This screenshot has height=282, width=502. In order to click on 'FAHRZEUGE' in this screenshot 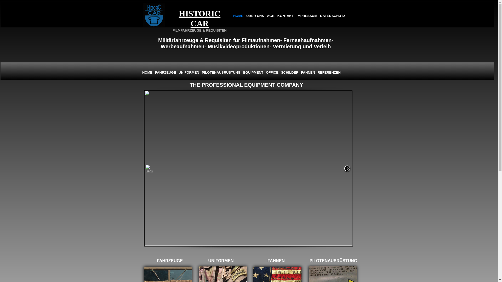, I will do `click(165, 72)`.